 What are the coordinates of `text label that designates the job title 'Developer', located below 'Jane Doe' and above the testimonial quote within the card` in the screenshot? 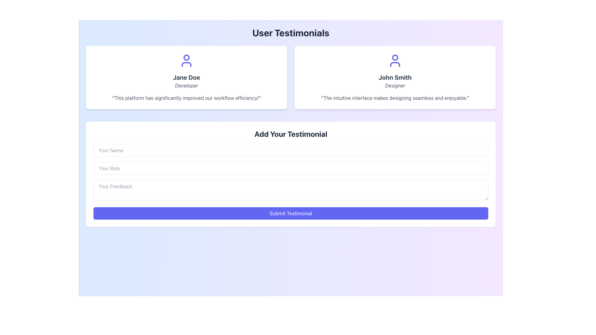 It's located at (186, 86).